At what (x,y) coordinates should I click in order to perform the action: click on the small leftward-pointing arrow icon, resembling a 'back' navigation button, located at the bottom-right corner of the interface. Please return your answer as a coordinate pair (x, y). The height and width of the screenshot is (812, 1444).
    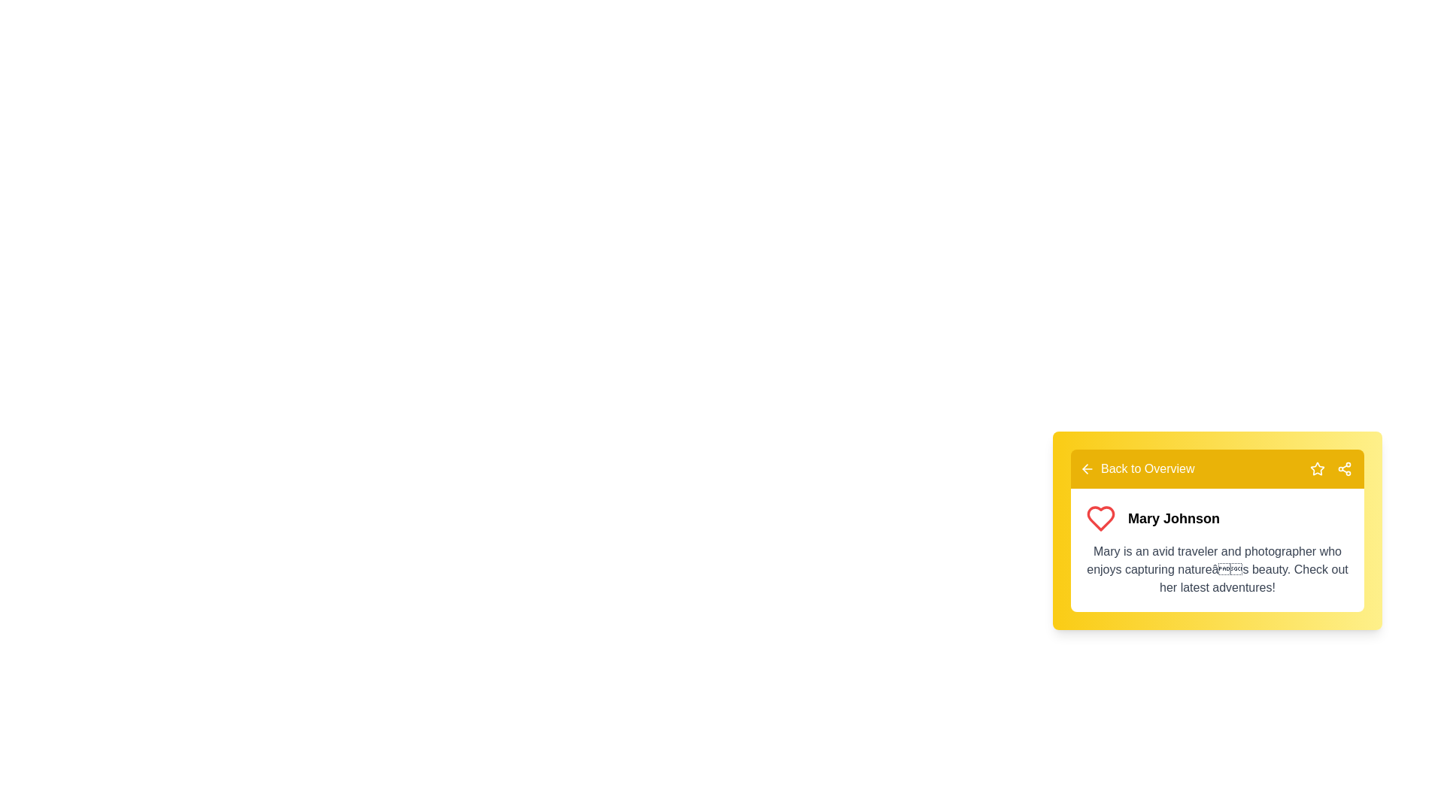
    Looking at the image, I should click on (1085, 468).